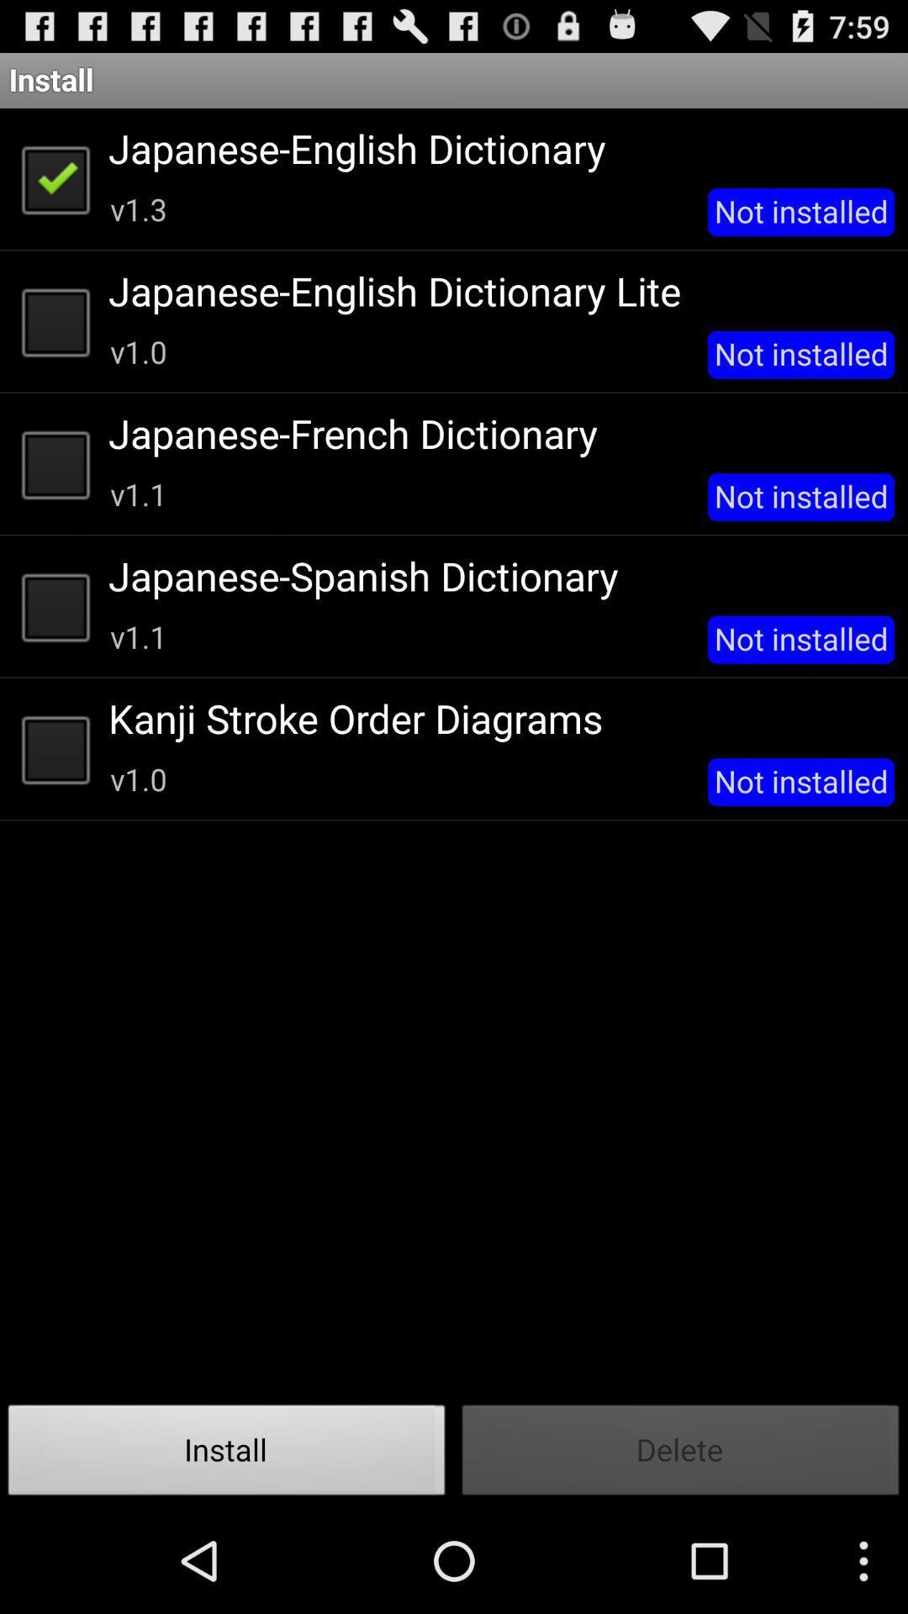 The height and width of the screenshot is (1614, 908). I want to click on the delete, so click(681, 1454).